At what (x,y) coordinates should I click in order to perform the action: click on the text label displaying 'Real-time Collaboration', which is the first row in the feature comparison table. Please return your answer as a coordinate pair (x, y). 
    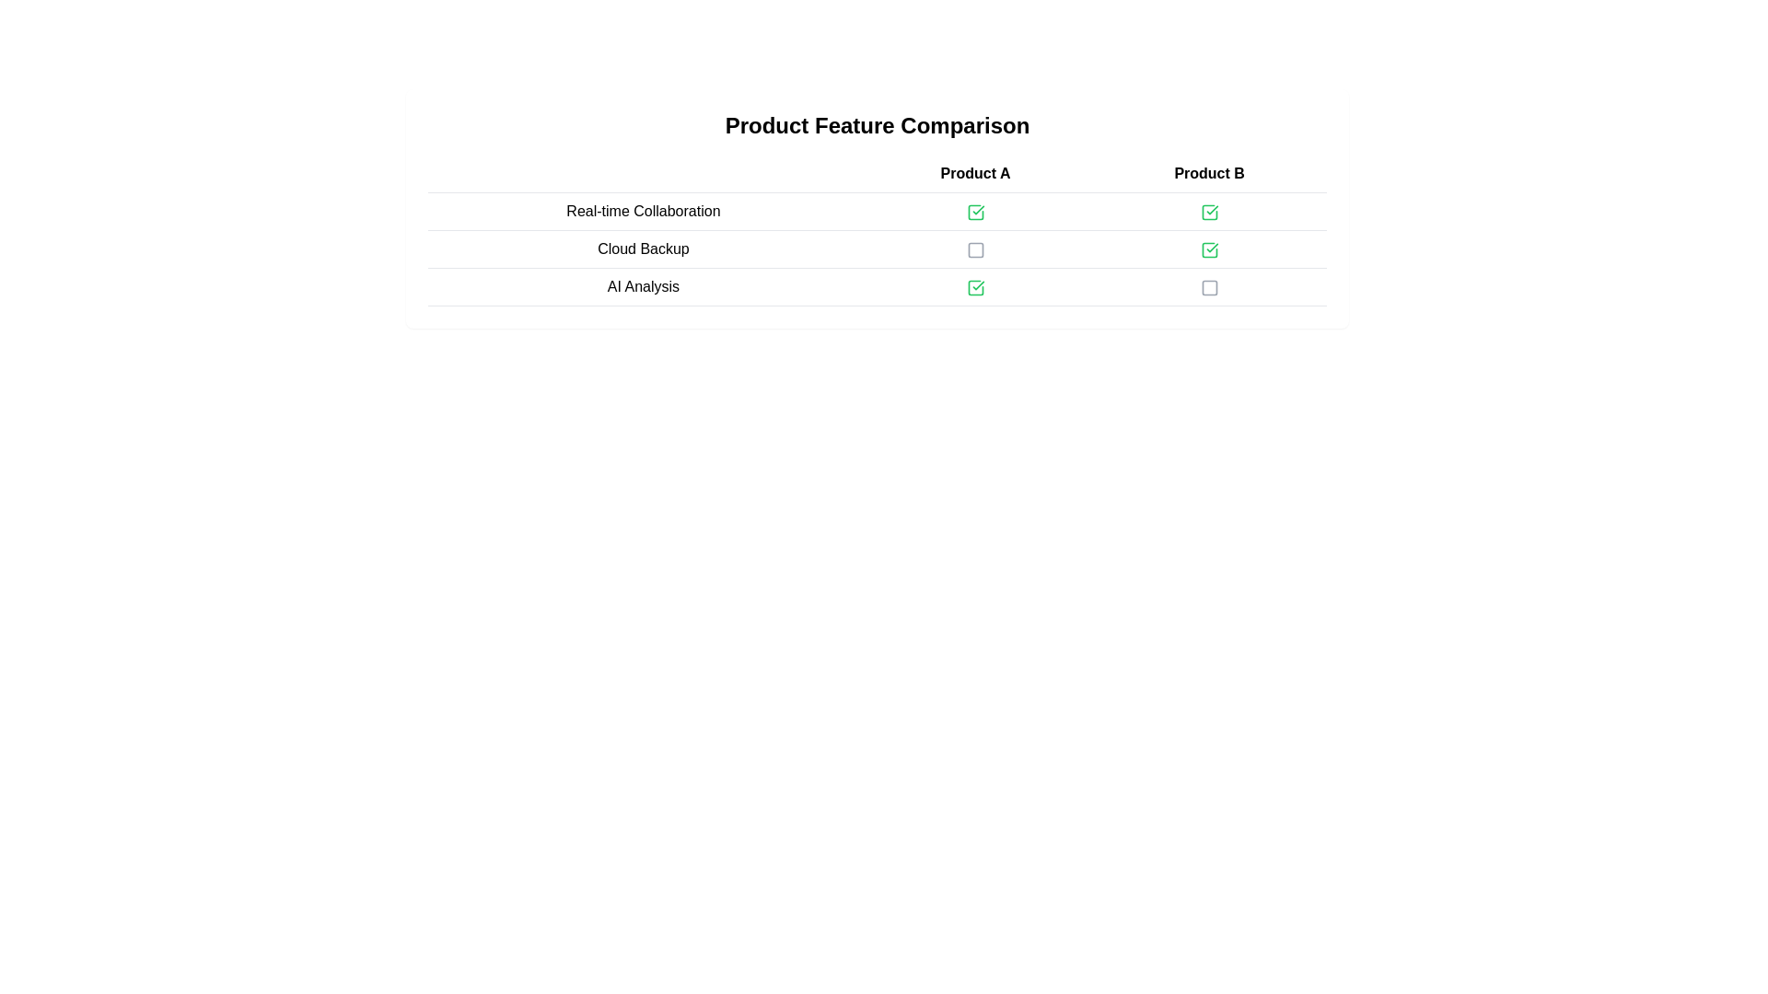
    Looking at the image, I should click on (643, 211).